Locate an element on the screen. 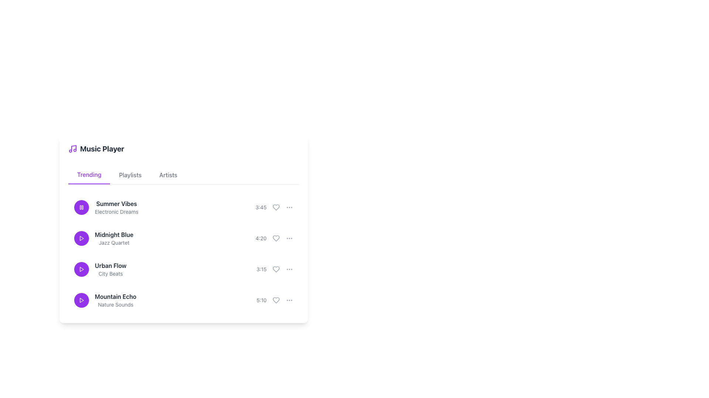  the main bolded text of the fourth item in the 'Trending' tab of the music player application, which displays the title of a song or audio track, located above the text 'Nature Sounds' is located at coordinates (115, 296).